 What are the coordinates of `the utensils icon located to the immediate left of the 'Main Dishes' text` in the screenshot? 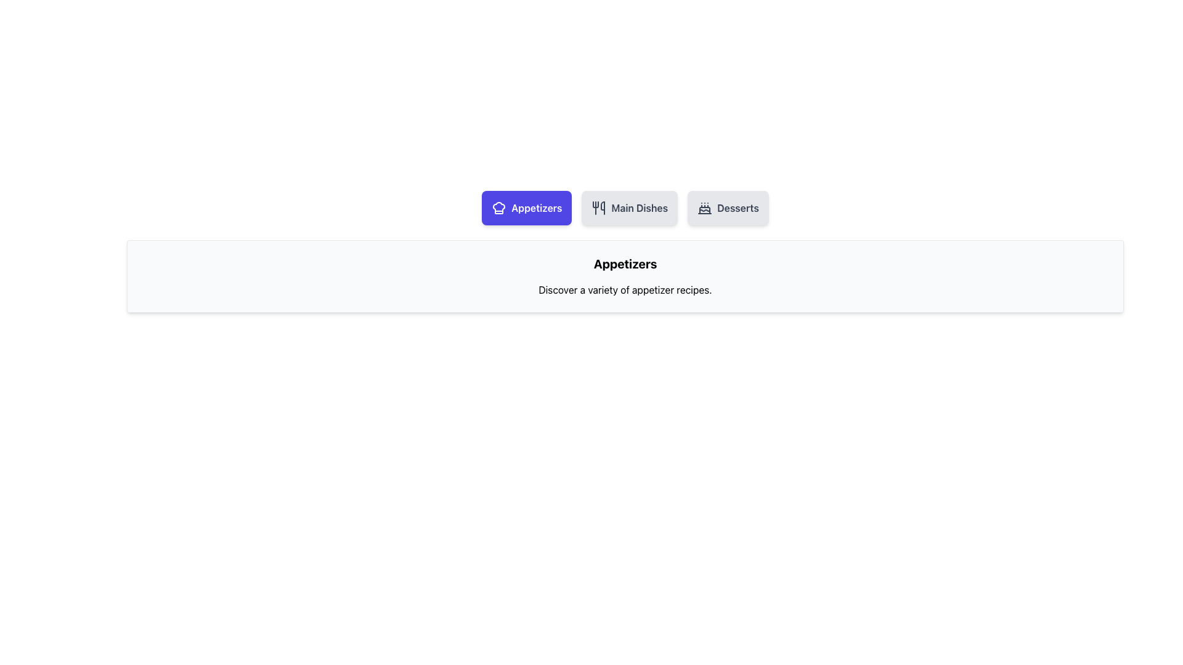 It's located at (599, 208).